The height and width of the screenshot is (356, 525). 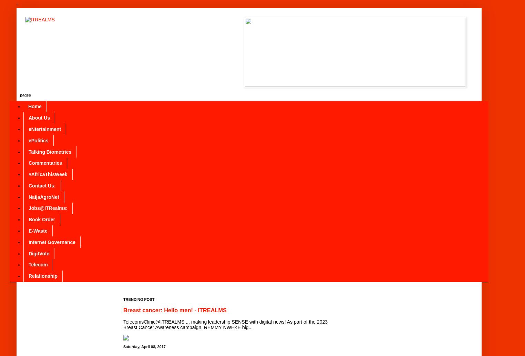 I want to click on 'Jobs@ITRealms:', so click(x=48, y=207).